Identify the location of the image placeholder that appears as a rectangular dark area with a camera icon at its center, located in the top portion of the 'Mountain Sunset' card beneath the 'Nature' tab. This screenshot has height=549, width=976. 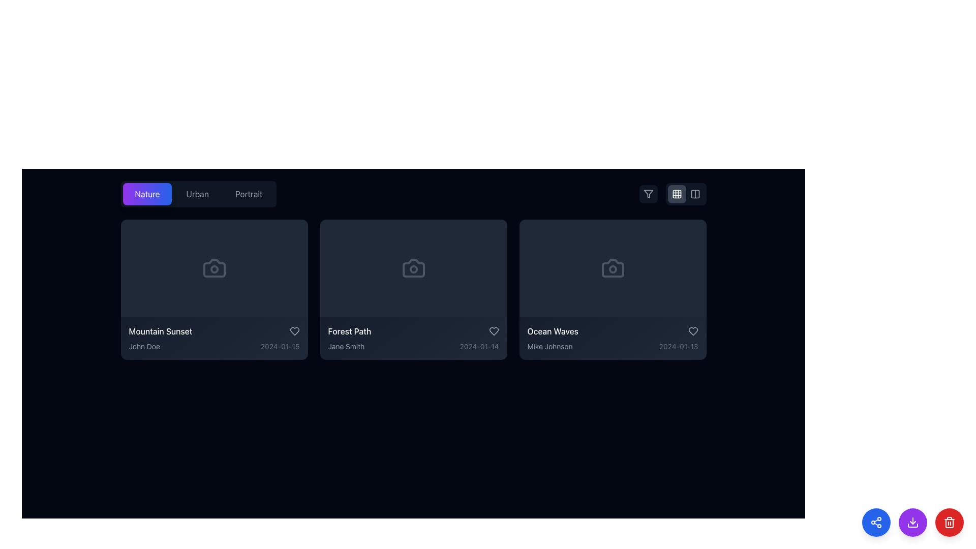
(213, 268).